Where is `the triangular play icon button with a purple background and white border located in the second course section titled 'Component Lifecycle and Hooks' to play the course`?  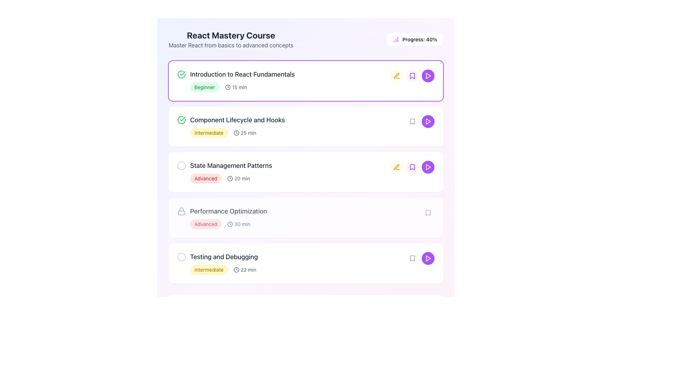
the triangular play icon button with a purple background and white border located in the second course section titled 'Component Lifecycle and Hooks' to play the course is located at coordinates (428, 121).